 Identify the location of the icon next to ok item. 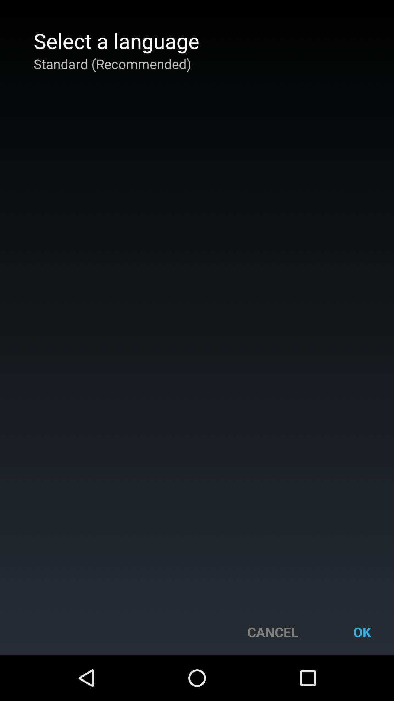
(273, 632).